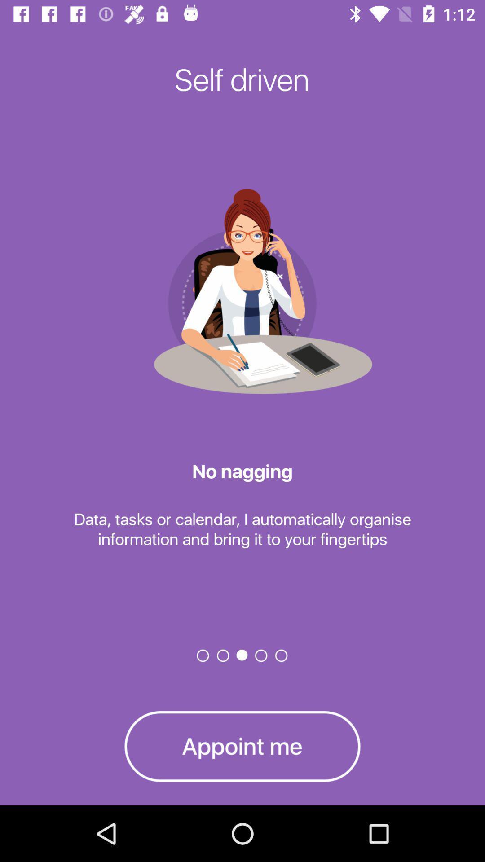  I want to click on the third ball which is above the appoint me button, so click(242, 655).